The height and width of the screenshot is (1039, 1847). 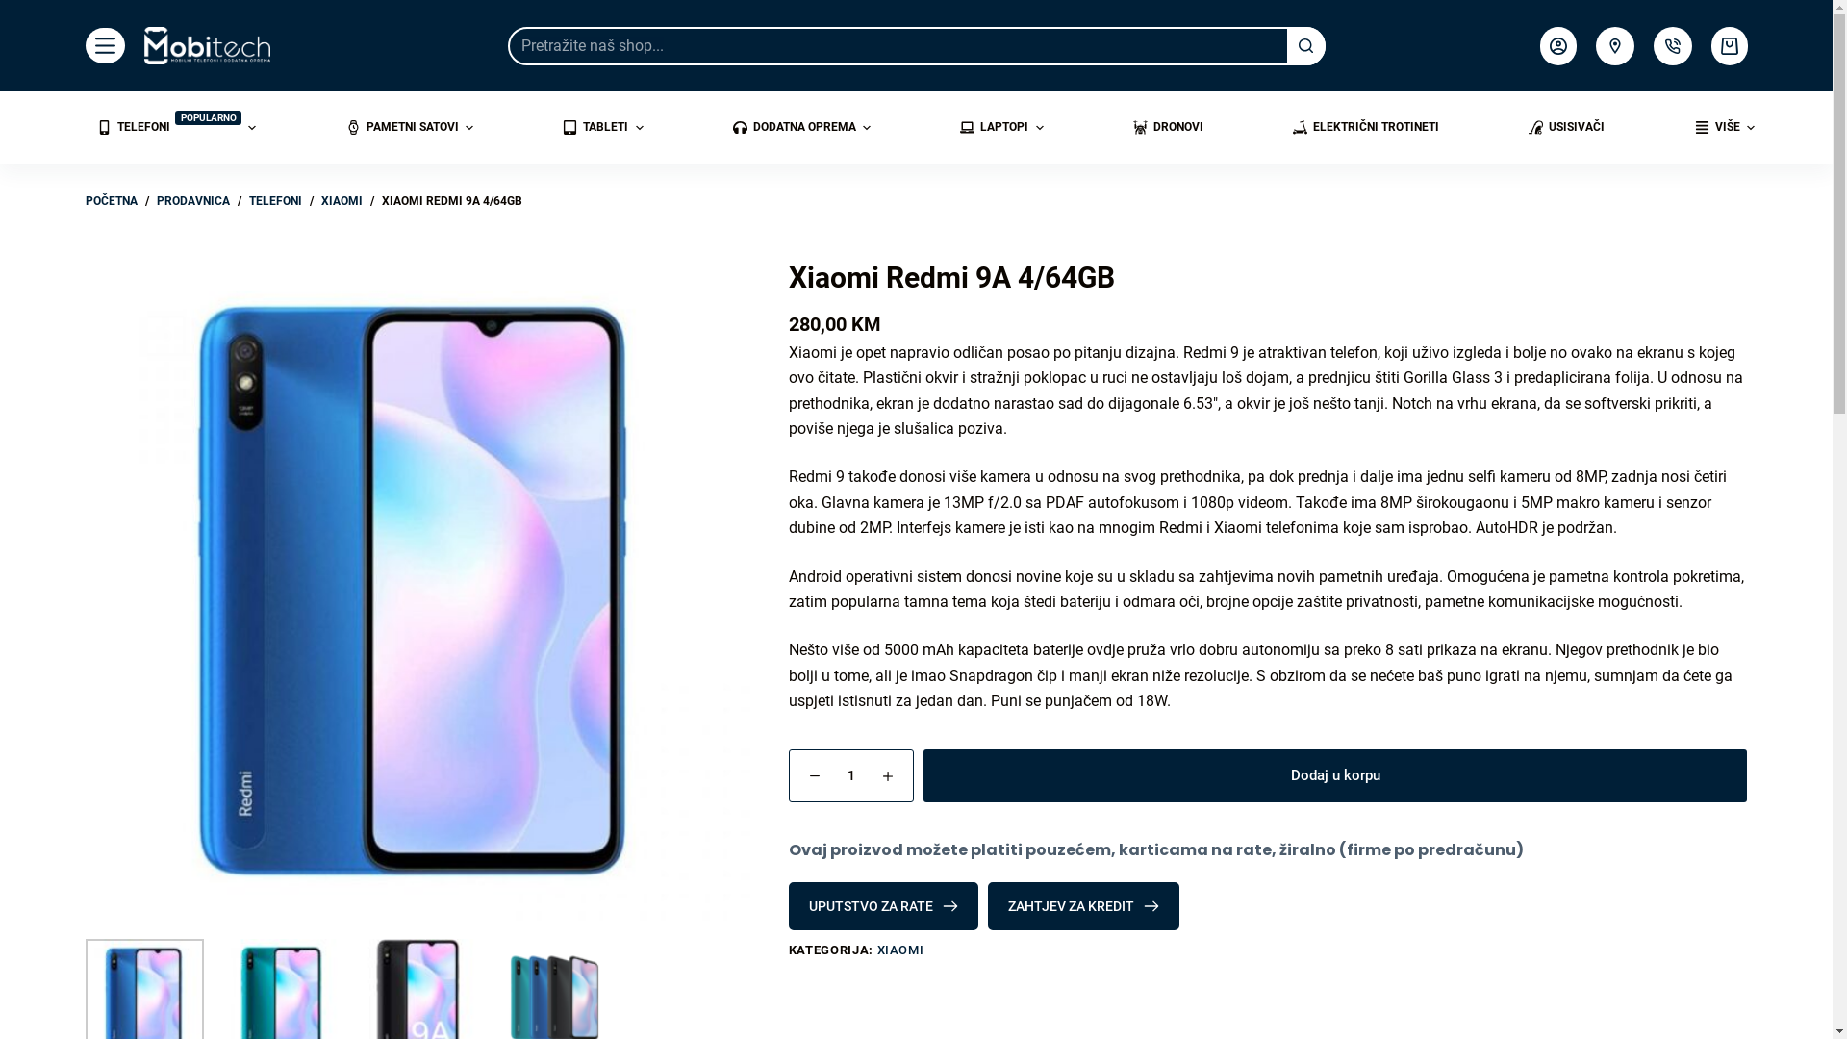 What do you see at coordinates (602, 127) in the screenshot?
I see `'TABLETI'` at bounding box center [602, 127].